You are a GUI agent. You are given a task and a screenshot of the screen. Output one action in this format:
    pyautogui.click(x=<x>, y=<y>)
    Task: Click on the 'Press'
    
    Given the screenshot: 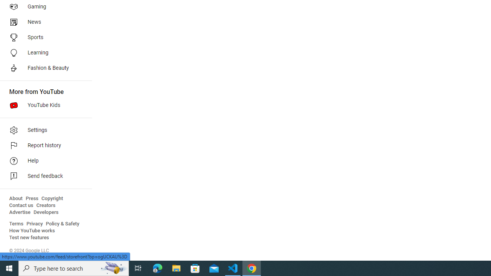 What is the action you would take?
    pyautogui.click(x=31, y=198)
    